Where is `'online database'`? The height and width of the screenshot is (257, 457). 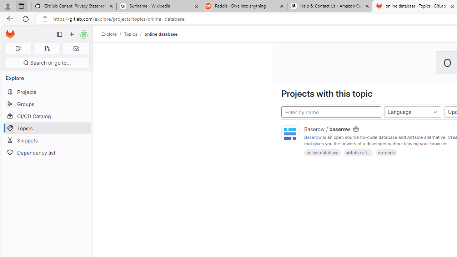 'online database' is located at coordinates (322, 152).